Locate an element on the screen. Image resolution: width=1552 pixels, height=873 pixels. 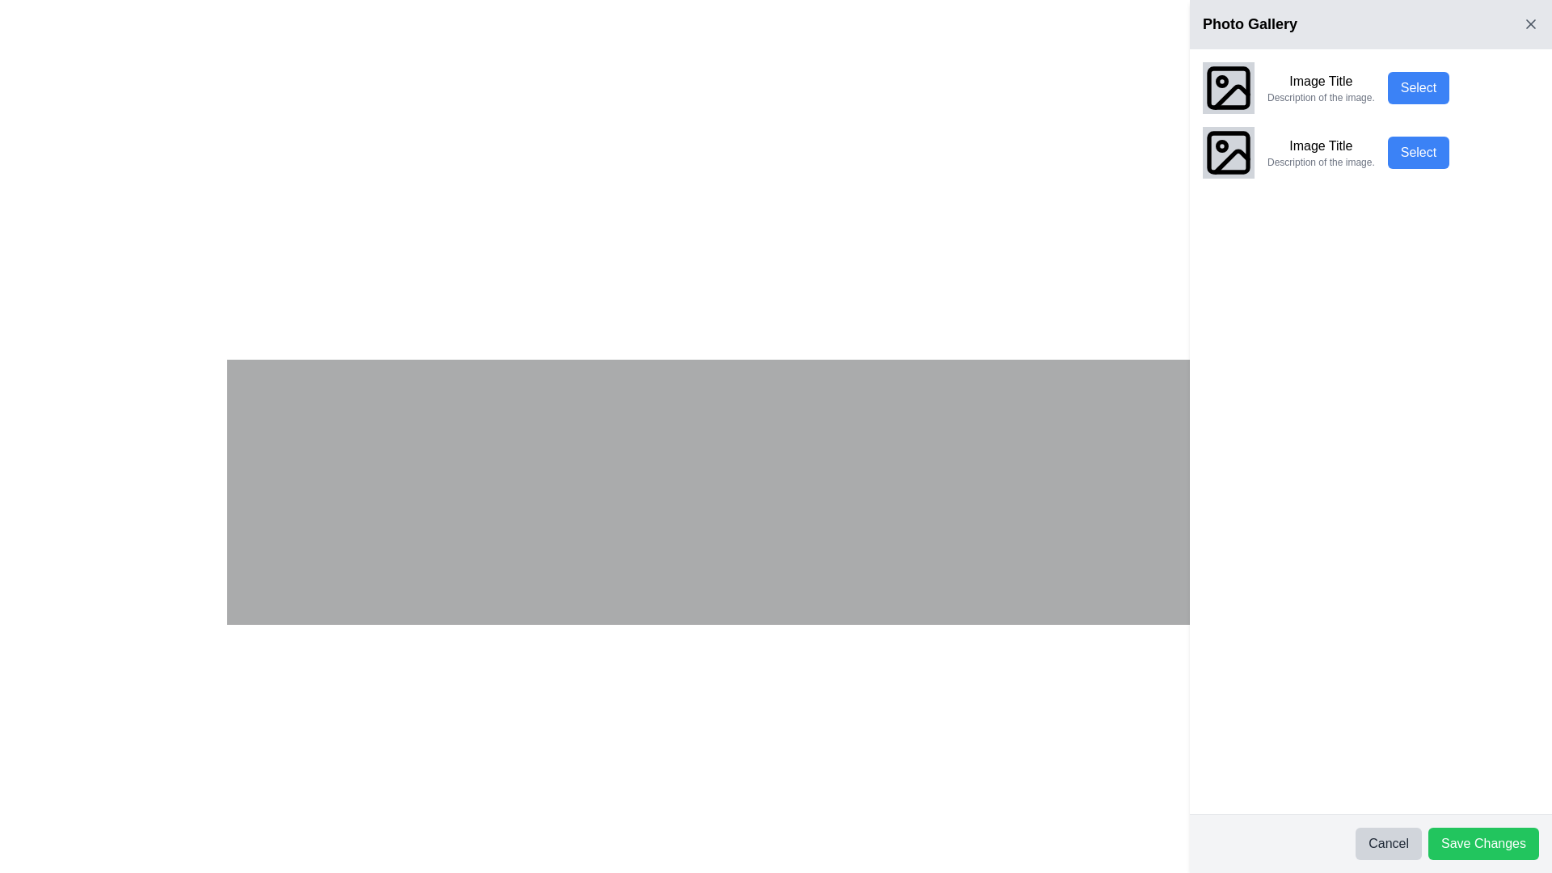
text of the title Text label, which is positioned above the description 'Description of the image.' is located at coordinates (1321, 81).